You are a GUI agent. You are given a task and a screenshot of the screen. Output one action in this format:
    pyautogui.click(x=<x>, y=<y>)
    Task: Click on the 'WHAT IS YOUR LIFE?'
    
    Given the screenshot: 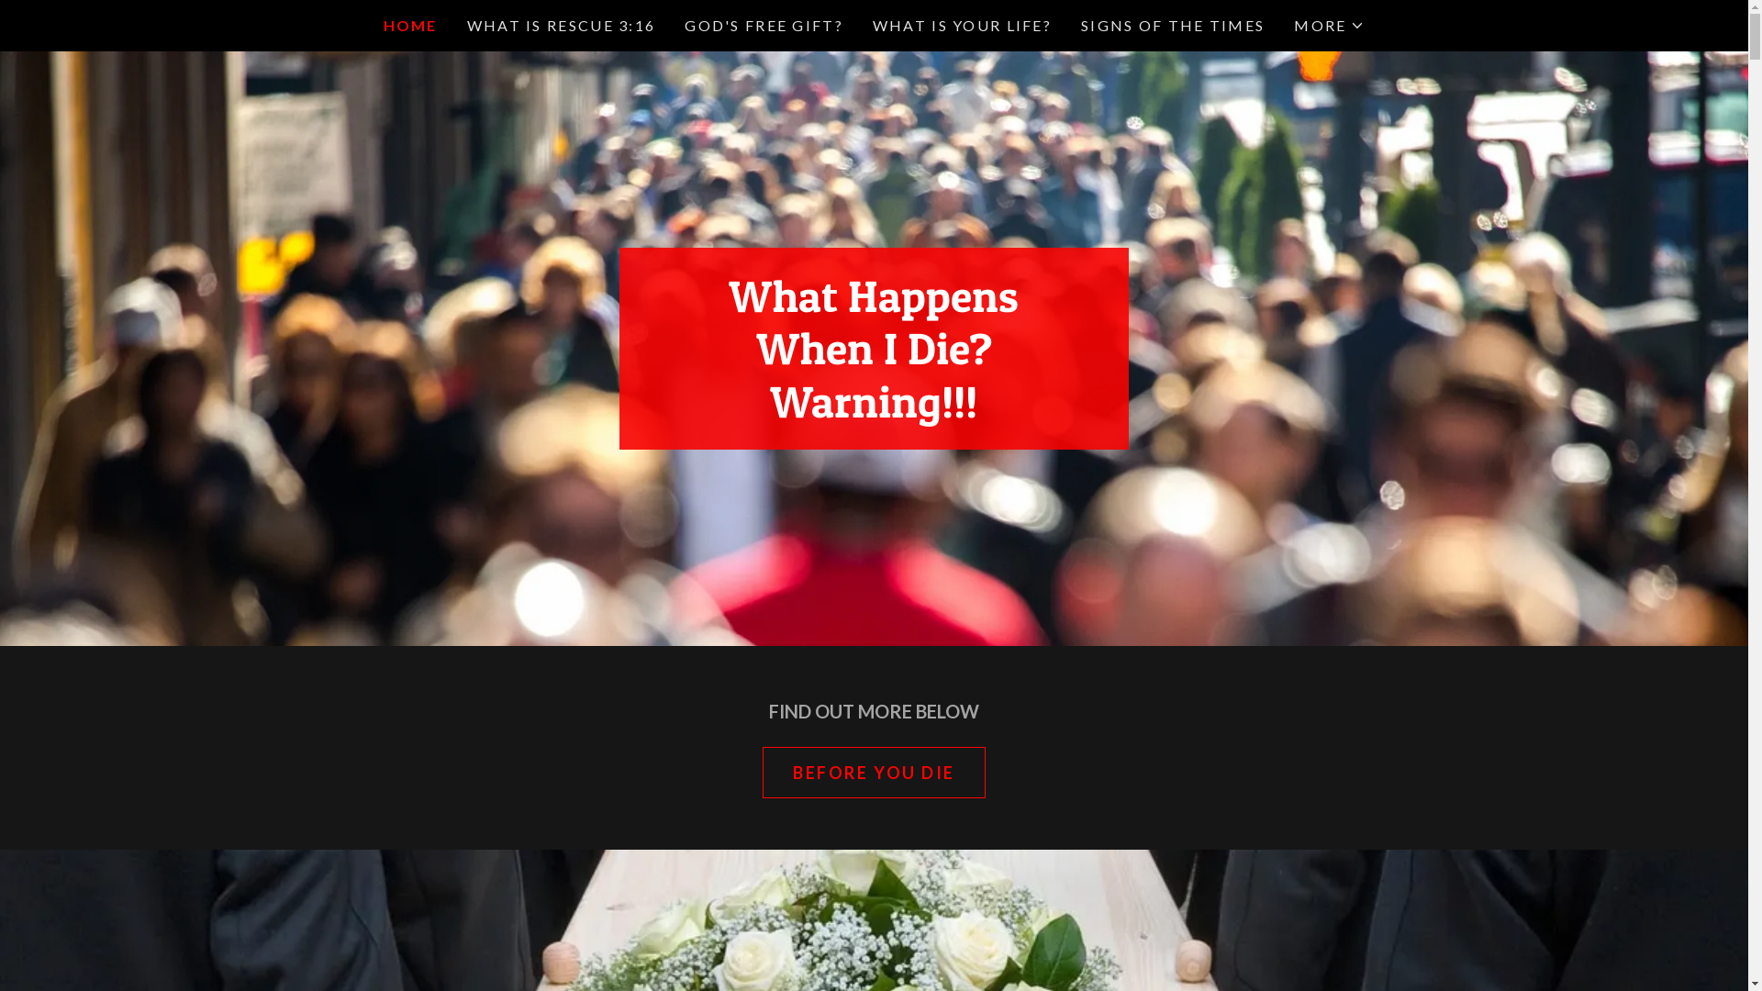 What is the action you would take?
    pyautogui.click(x=961, y=25)
    